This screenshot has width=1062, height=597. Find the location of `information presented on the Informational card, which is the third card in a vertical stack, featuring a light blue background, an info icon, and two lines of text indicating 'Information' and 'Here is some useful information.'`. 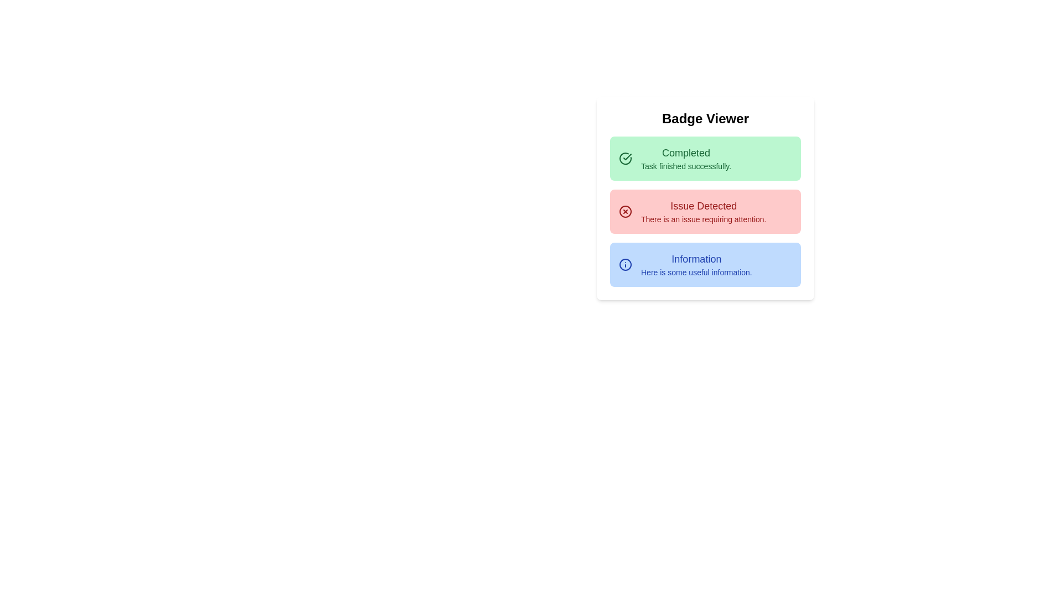

information presented on the Informational card, which is the third card in a vertical stack, featuring a light blue background, an info icon, and two lines of text indicating 'Information' and 'Here is some useful information.' is located at coordinates (705, 264).